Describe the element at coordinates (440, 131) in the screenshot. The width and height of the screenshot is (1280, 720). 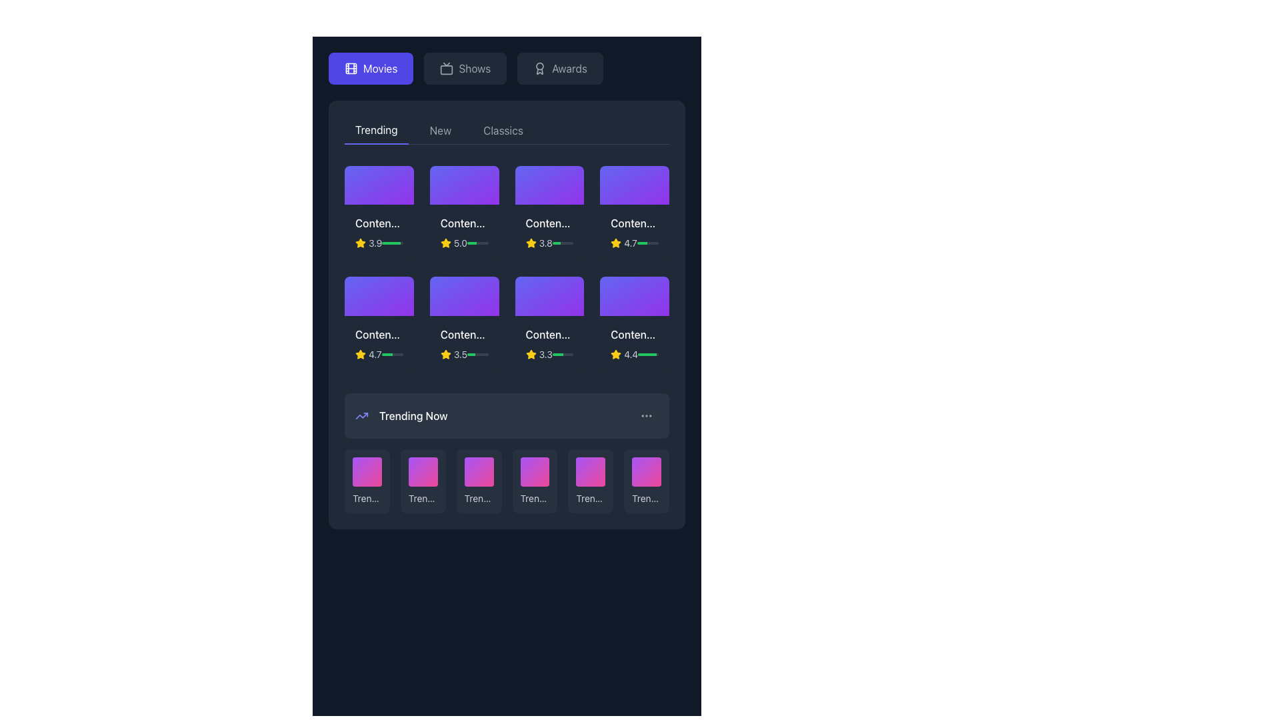
I see `the navigation tab located between the 'Trending' and 'Classics' tabs` at that location.